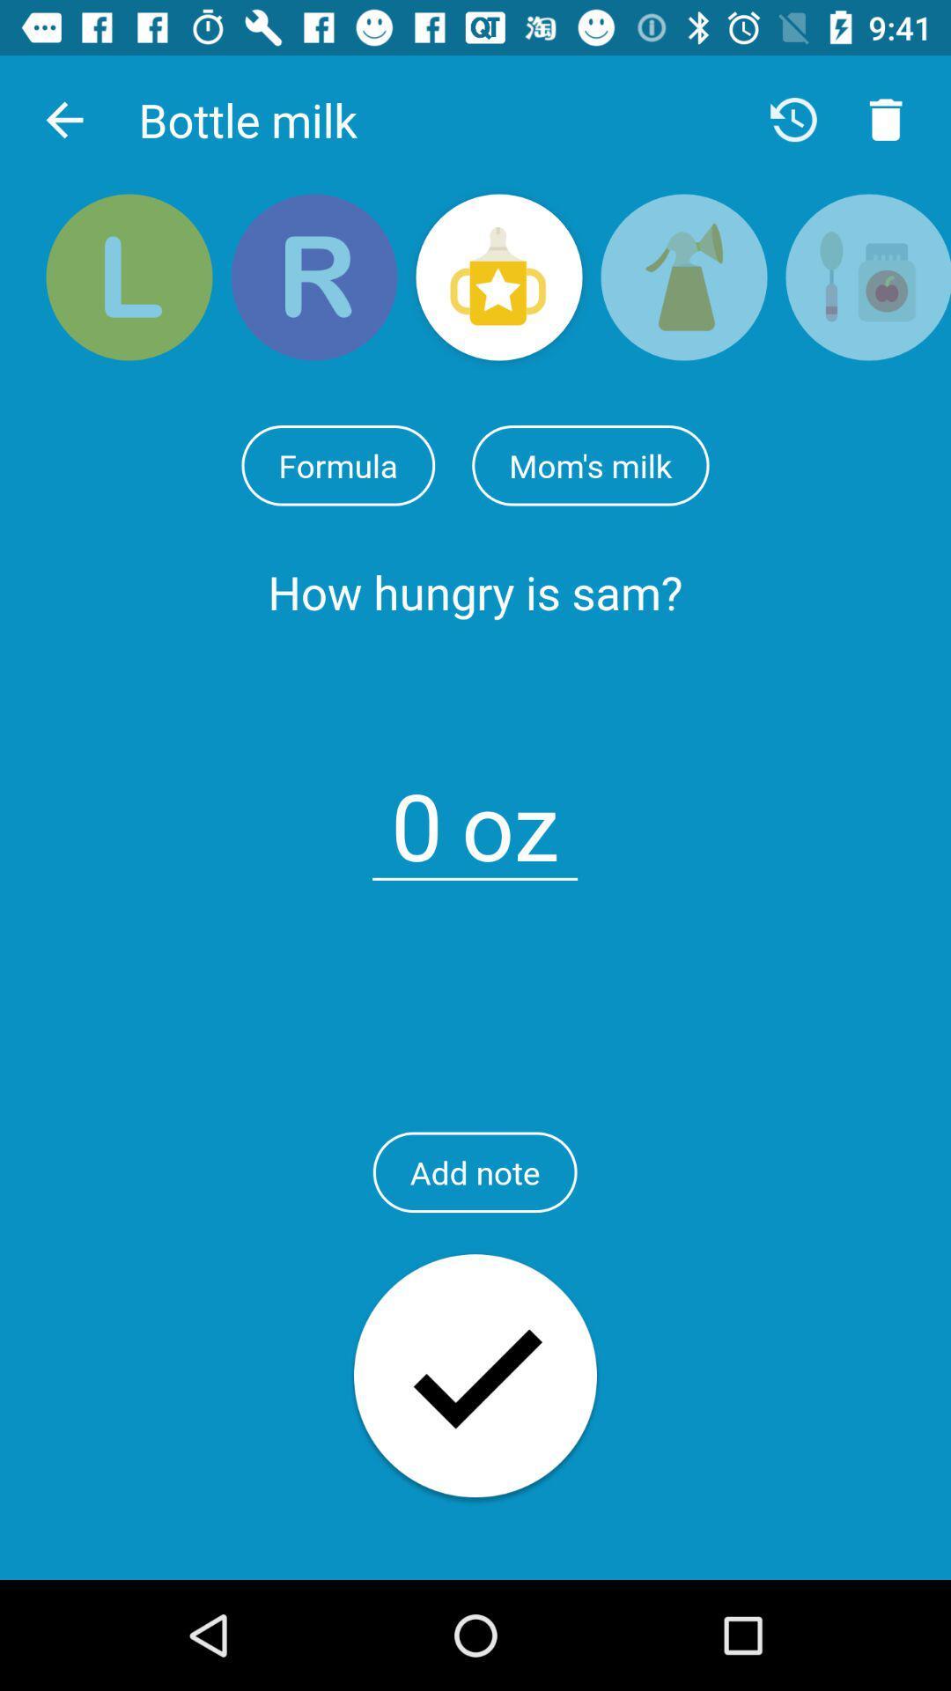 This screenshot has width=951, height=1691. What do you see at coordinates (474, 1172) in the screenshot?
I see `the add note` at bounding box center [474, 1172].